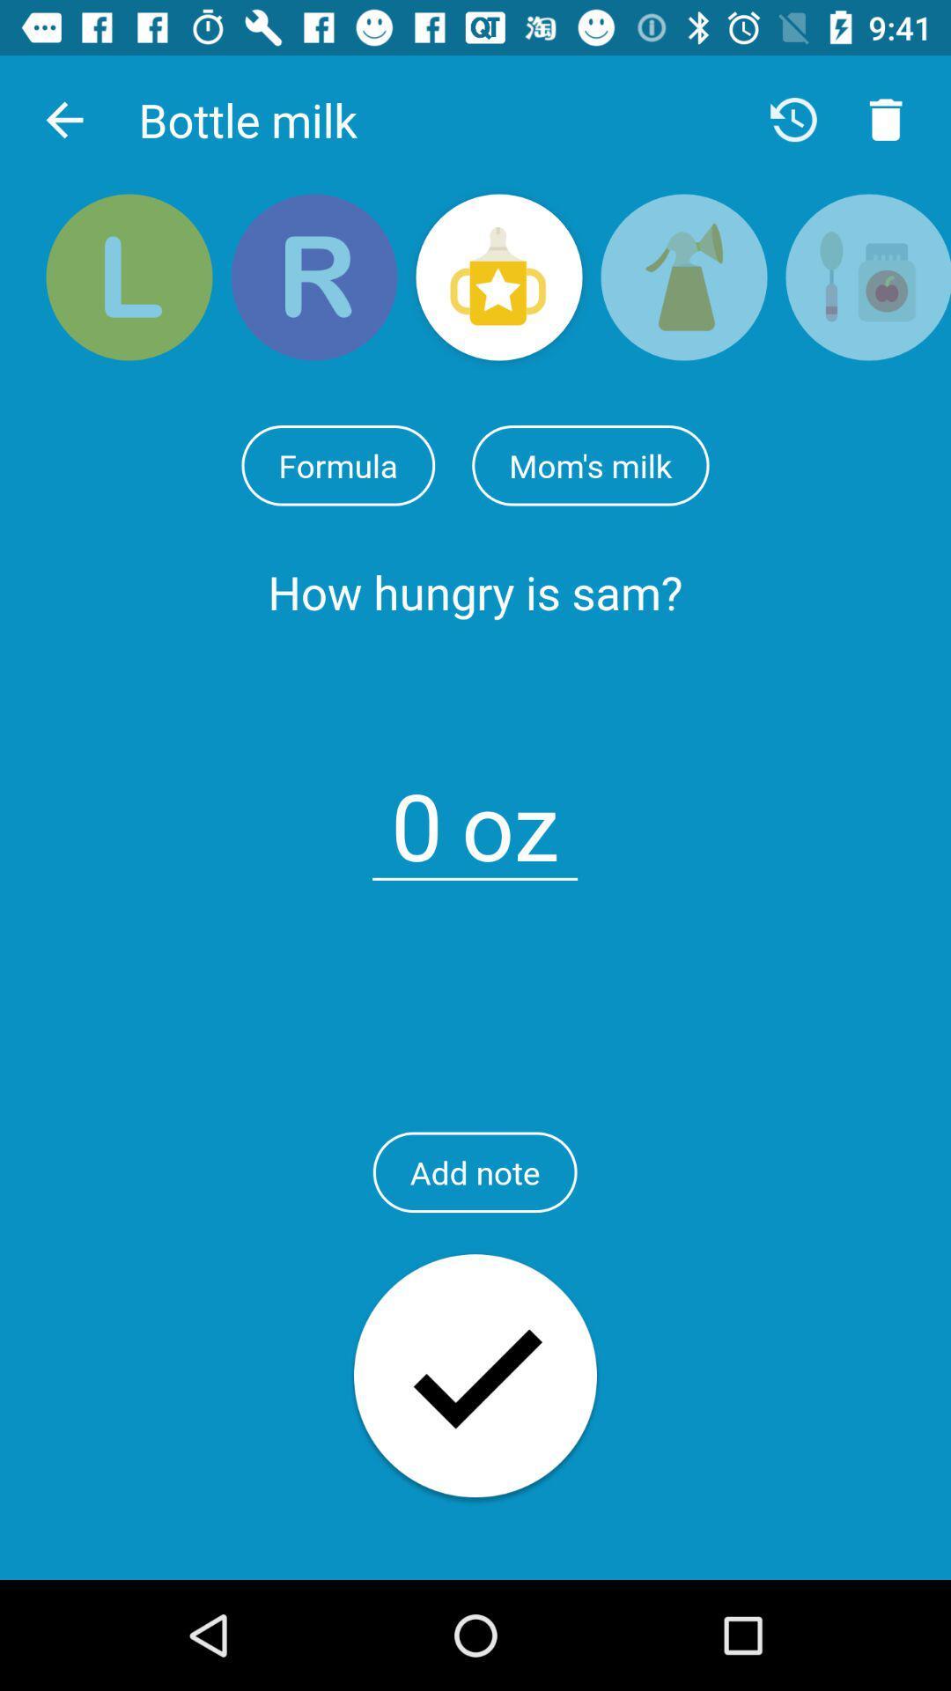 This screenshot has width=951, height=1691. What do you see at coordinates (474, 1172) in the screenshot?
I see `the add note` at bounding box center [474, 1172].